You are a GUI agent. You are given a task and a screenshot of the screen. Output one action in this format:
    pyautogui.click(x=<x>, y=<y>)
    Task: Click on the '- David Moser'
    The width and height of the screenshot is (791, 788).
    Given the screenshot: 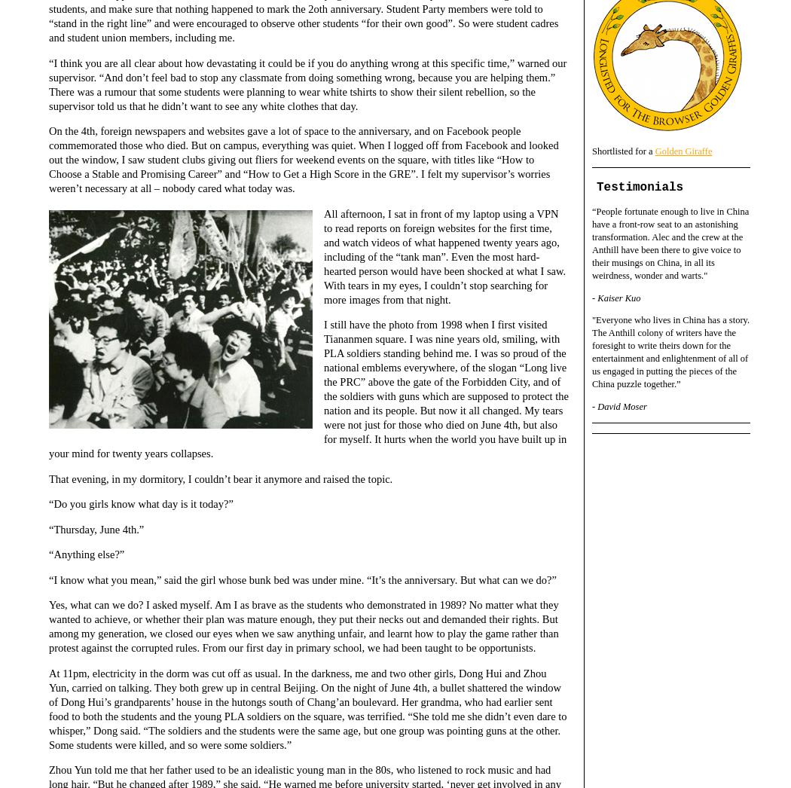 What is the action you would take?
    pyautogui.click(x=592, y=405)
    